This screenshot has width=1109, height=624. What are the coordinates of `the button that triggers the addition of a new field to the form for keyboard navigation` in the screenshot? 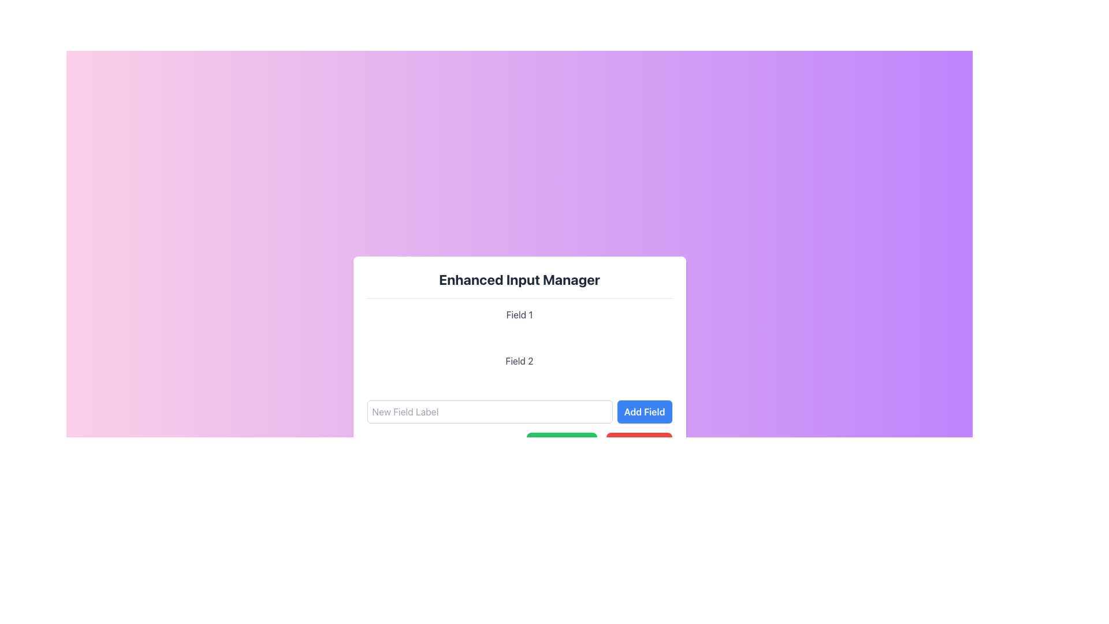 It's located at (644, 411).